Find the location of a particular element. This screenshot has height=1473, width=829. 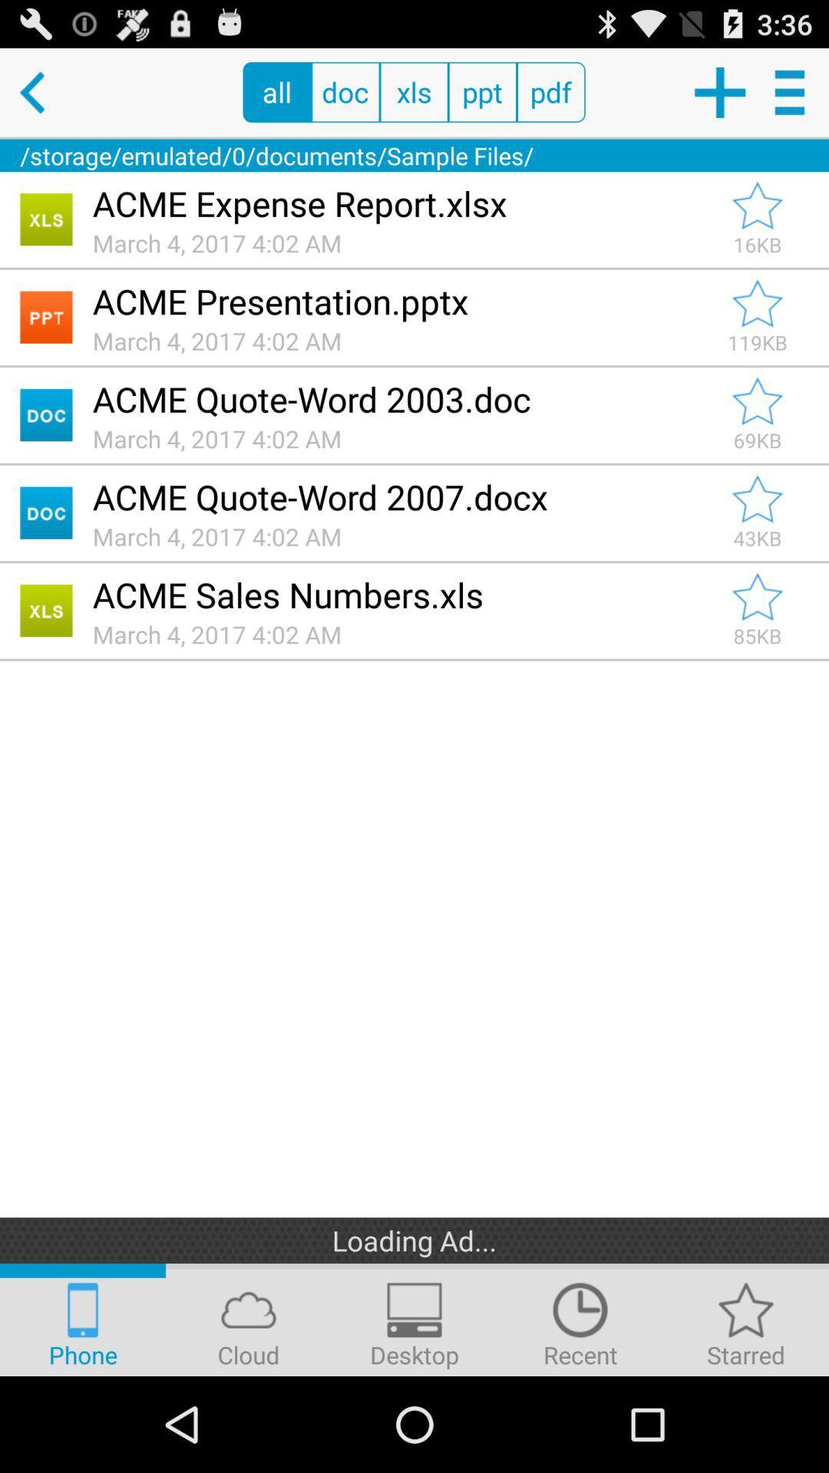

the all is located at coordinates (277, 91).